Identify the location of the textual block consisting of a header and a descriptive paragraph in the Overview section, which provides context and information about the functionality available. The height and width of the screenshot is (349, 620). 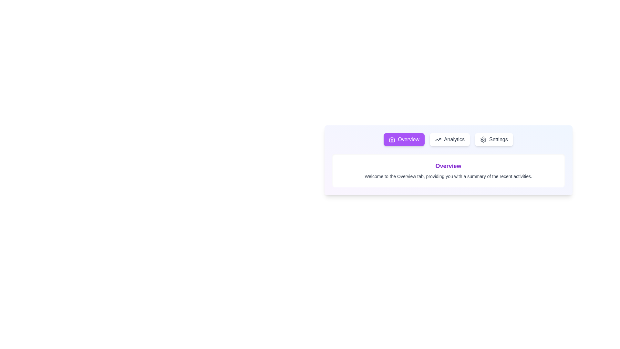
(448, 170).